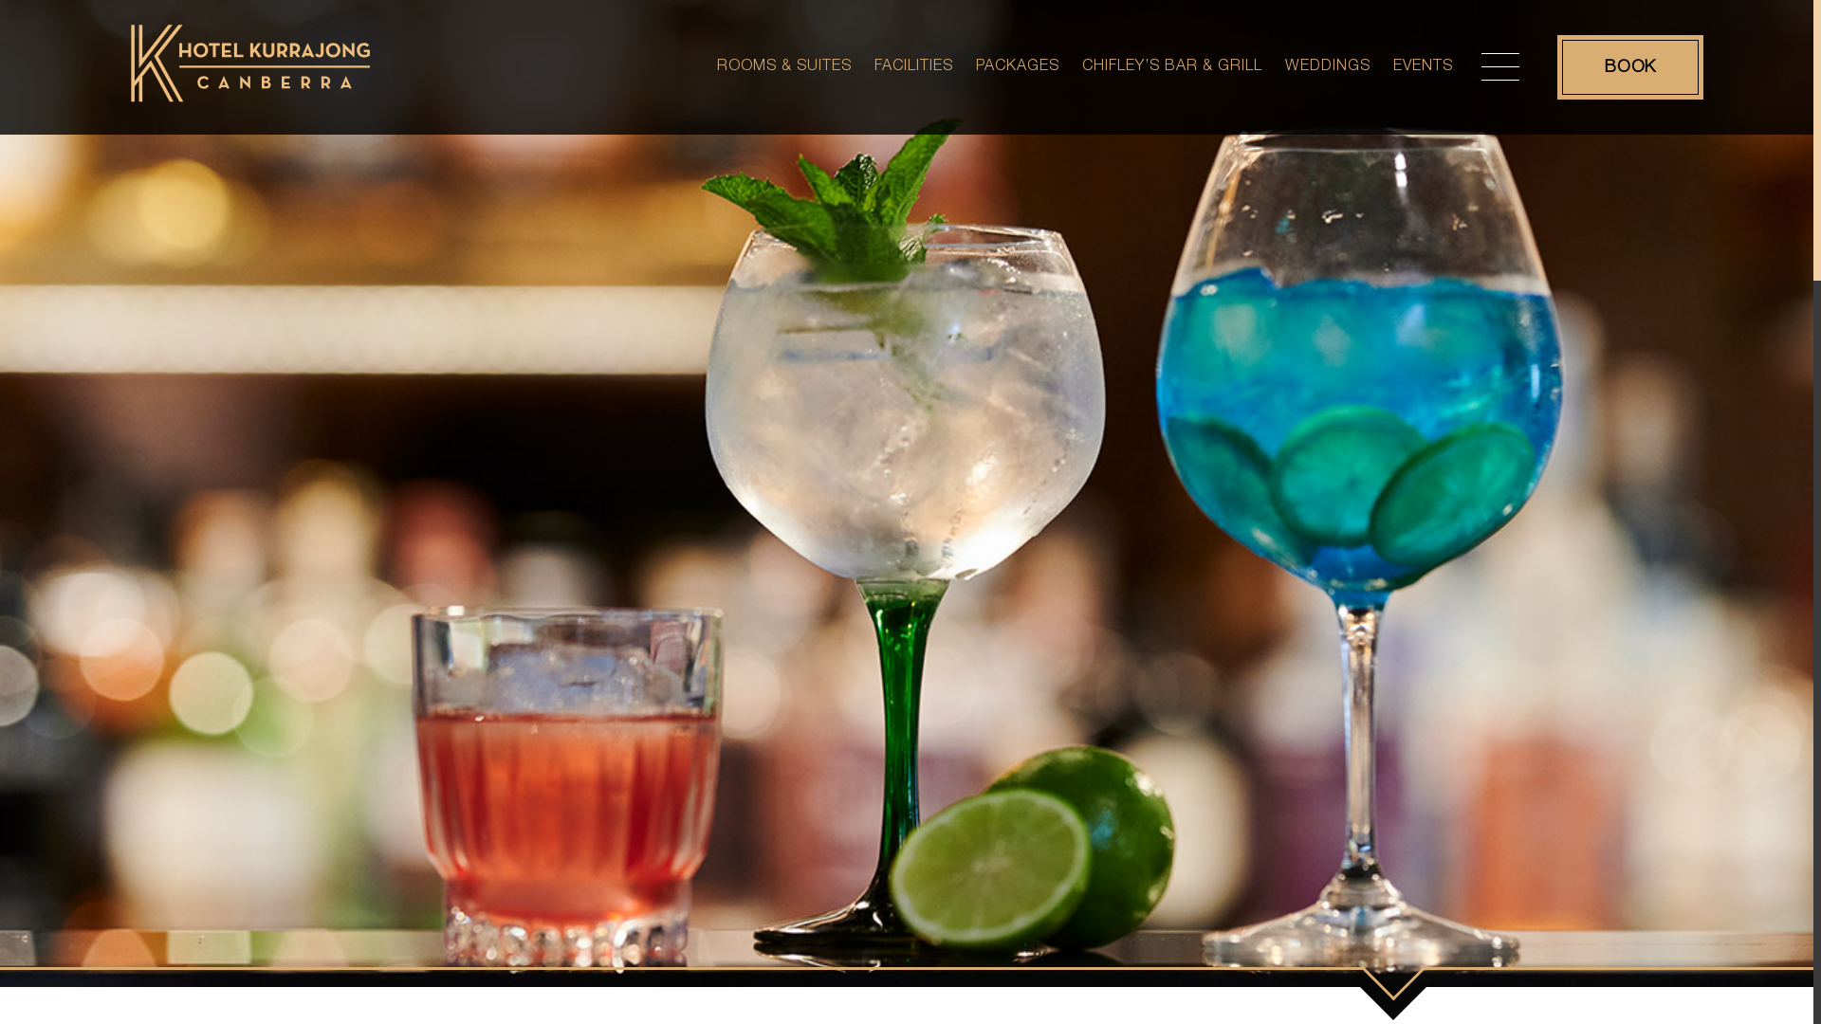  I want to click on 'PACKAGES', so click(975, 52).